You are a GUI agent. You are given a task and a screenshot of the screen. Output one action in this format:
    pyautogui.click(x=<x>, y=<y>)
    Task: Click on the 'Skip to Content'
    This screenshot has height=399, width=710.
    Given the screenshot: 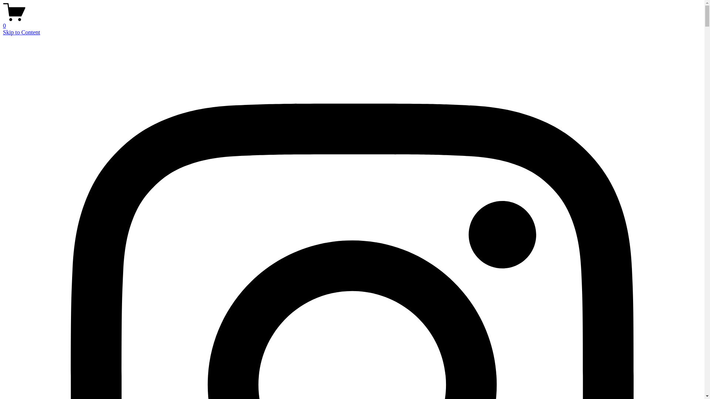 What is the action you would take?
    pyautogui.click(x=21, y=32)
    